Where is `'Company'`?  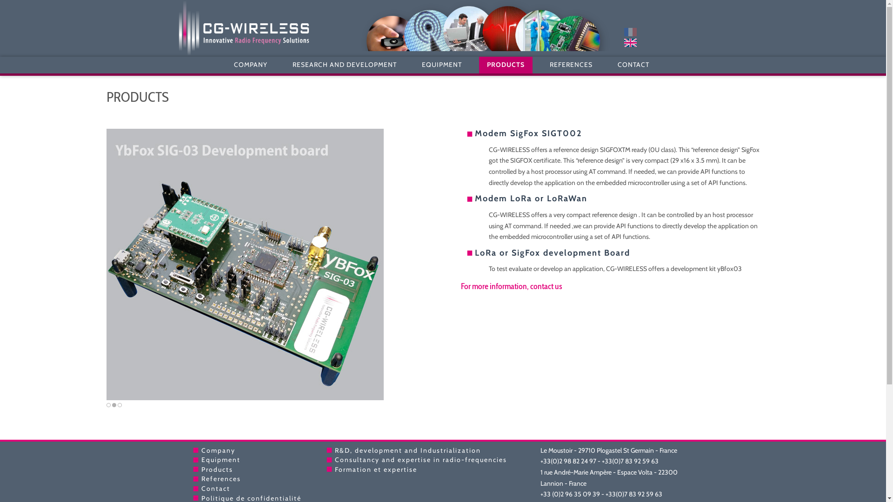
'Company' is located at coordinates (217, 449).